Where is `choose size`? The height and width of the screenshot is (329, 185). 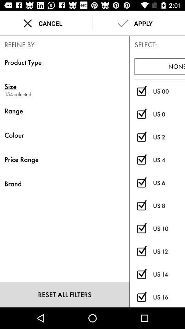
choose size is located at coordinates (141, 297).